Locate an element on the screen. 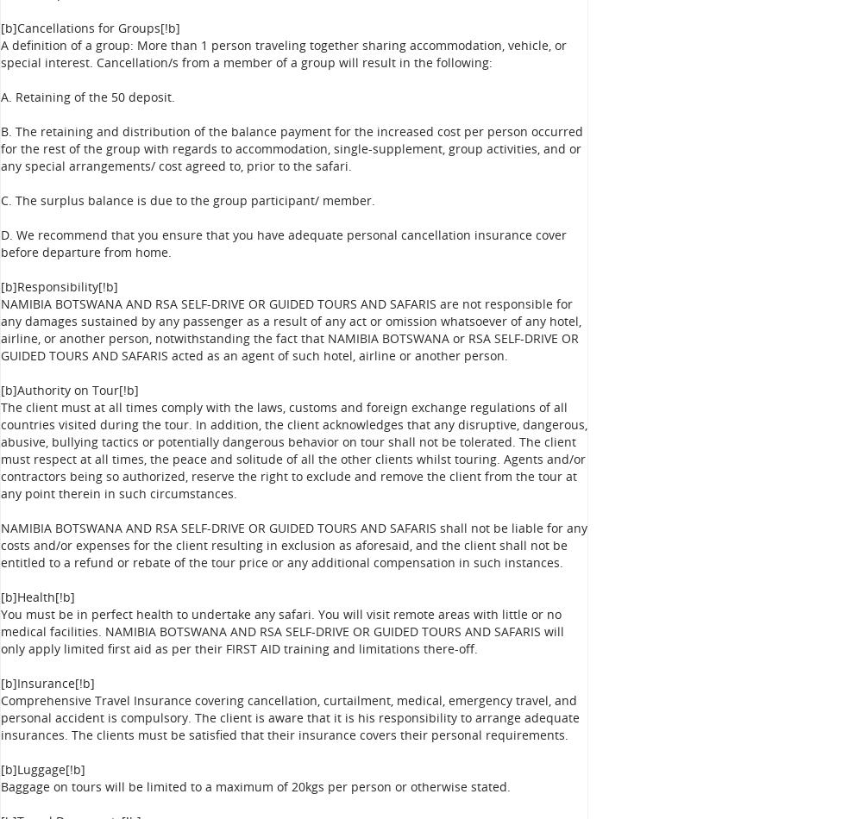  '[b]Responsibility[!b]' is located at coordinates (60, 285).